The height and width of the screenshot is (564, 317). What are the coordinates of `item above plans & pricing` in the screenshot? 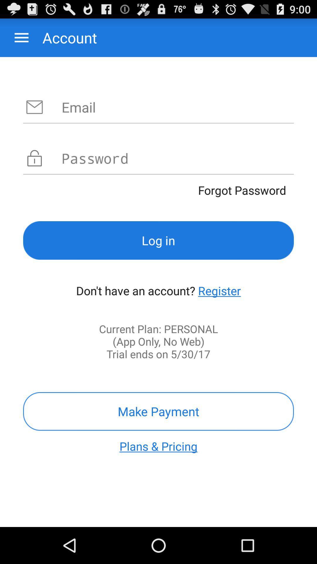 It's located at (158, 411).